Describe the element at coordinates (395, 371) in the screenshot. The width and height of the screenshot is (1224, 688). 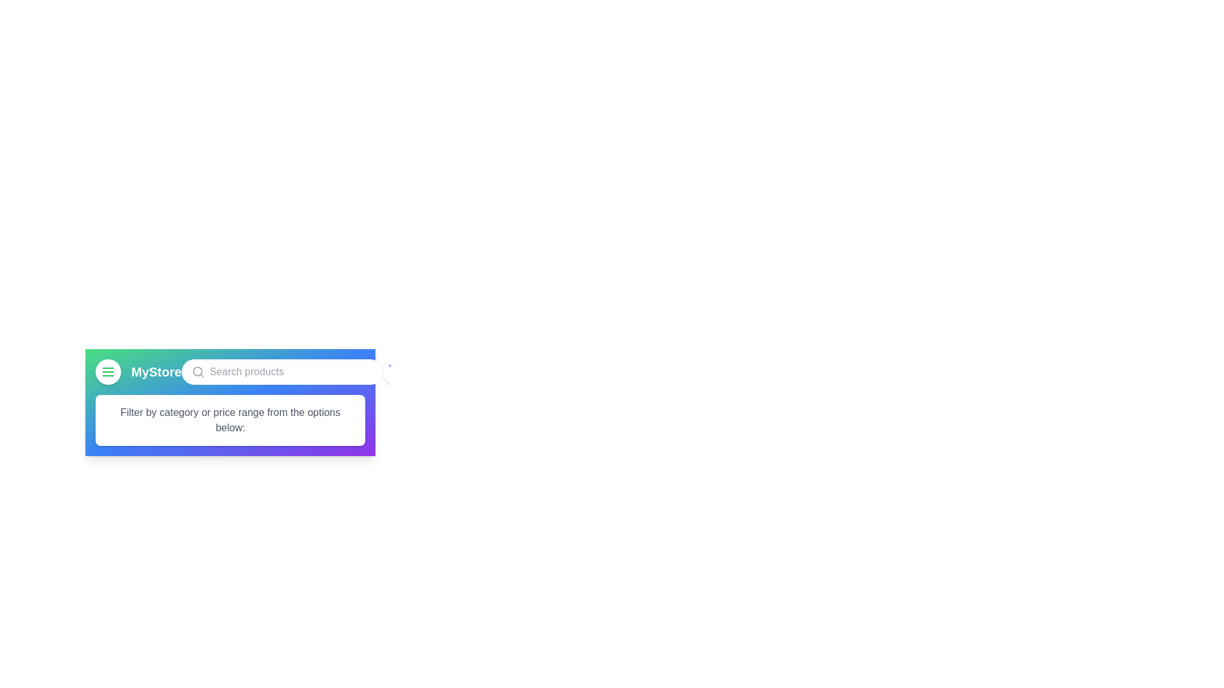
I see `the shopping cart button to view the cart` at that location.